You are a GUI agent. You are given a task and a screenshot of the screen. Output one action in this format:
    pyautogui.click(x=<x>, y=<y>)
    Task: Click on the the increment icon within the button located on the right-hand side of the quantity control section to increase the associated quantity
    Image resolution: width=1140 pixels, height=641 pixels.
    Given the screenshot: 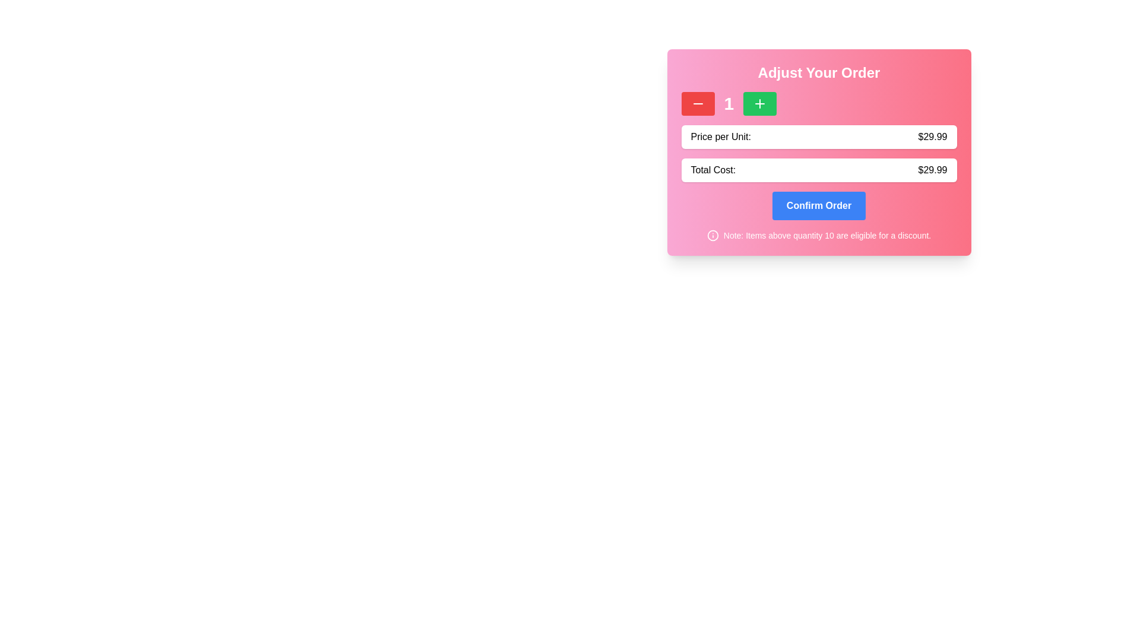 What is the action you would take?
    pyautogui.click(x=760, y=103)
    